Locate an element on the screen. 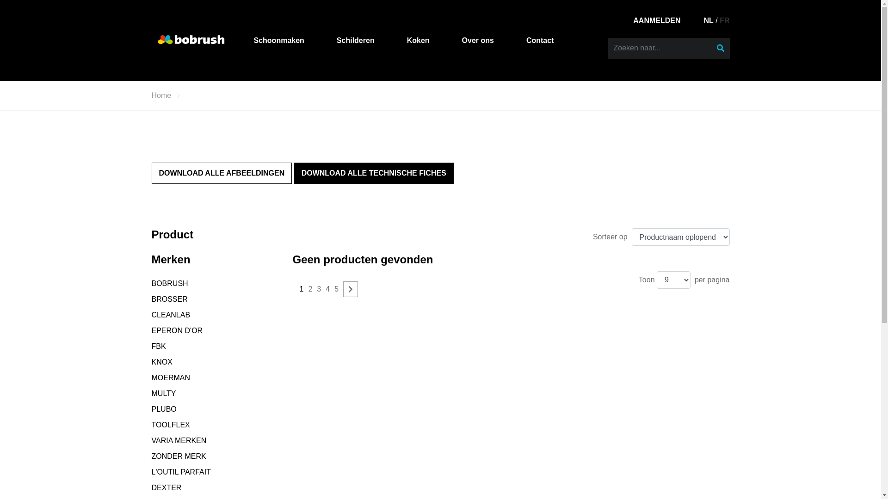 The width and height of the screenshot is (888, 499). 'MULTY' is located at coordinates (164, 394).